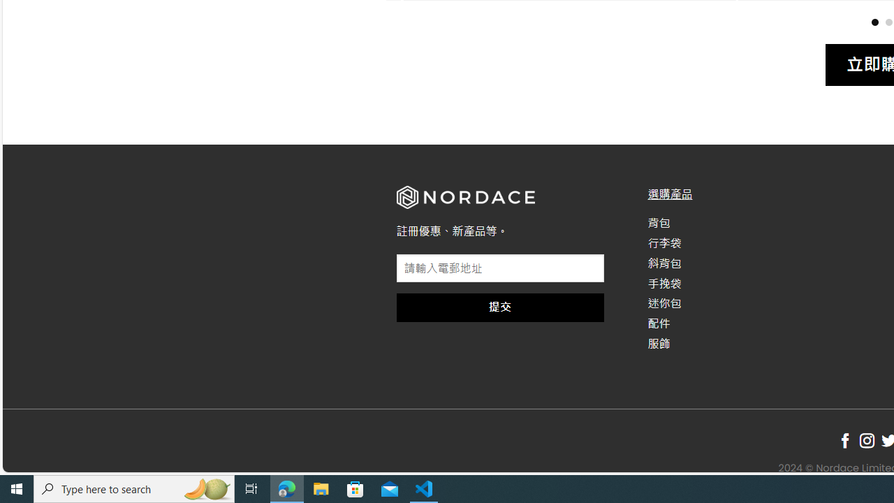  Describe the element at coordinates (866, 441) in the screenshot. I see `'Follow on Instagram'` at that location.